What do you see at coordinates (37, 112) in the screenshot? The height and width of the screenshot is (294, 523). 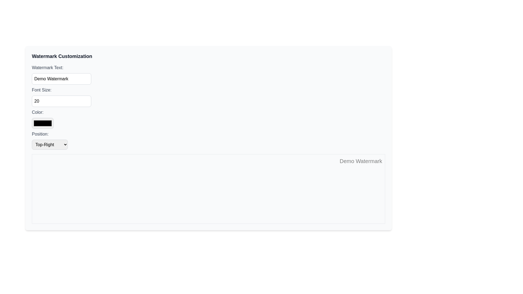 I see `the text label that says 'Color:', which is styled in gray and is the third label in a vertical sequence of similar labels in the form-like interface` at bounding box center [37, 112].